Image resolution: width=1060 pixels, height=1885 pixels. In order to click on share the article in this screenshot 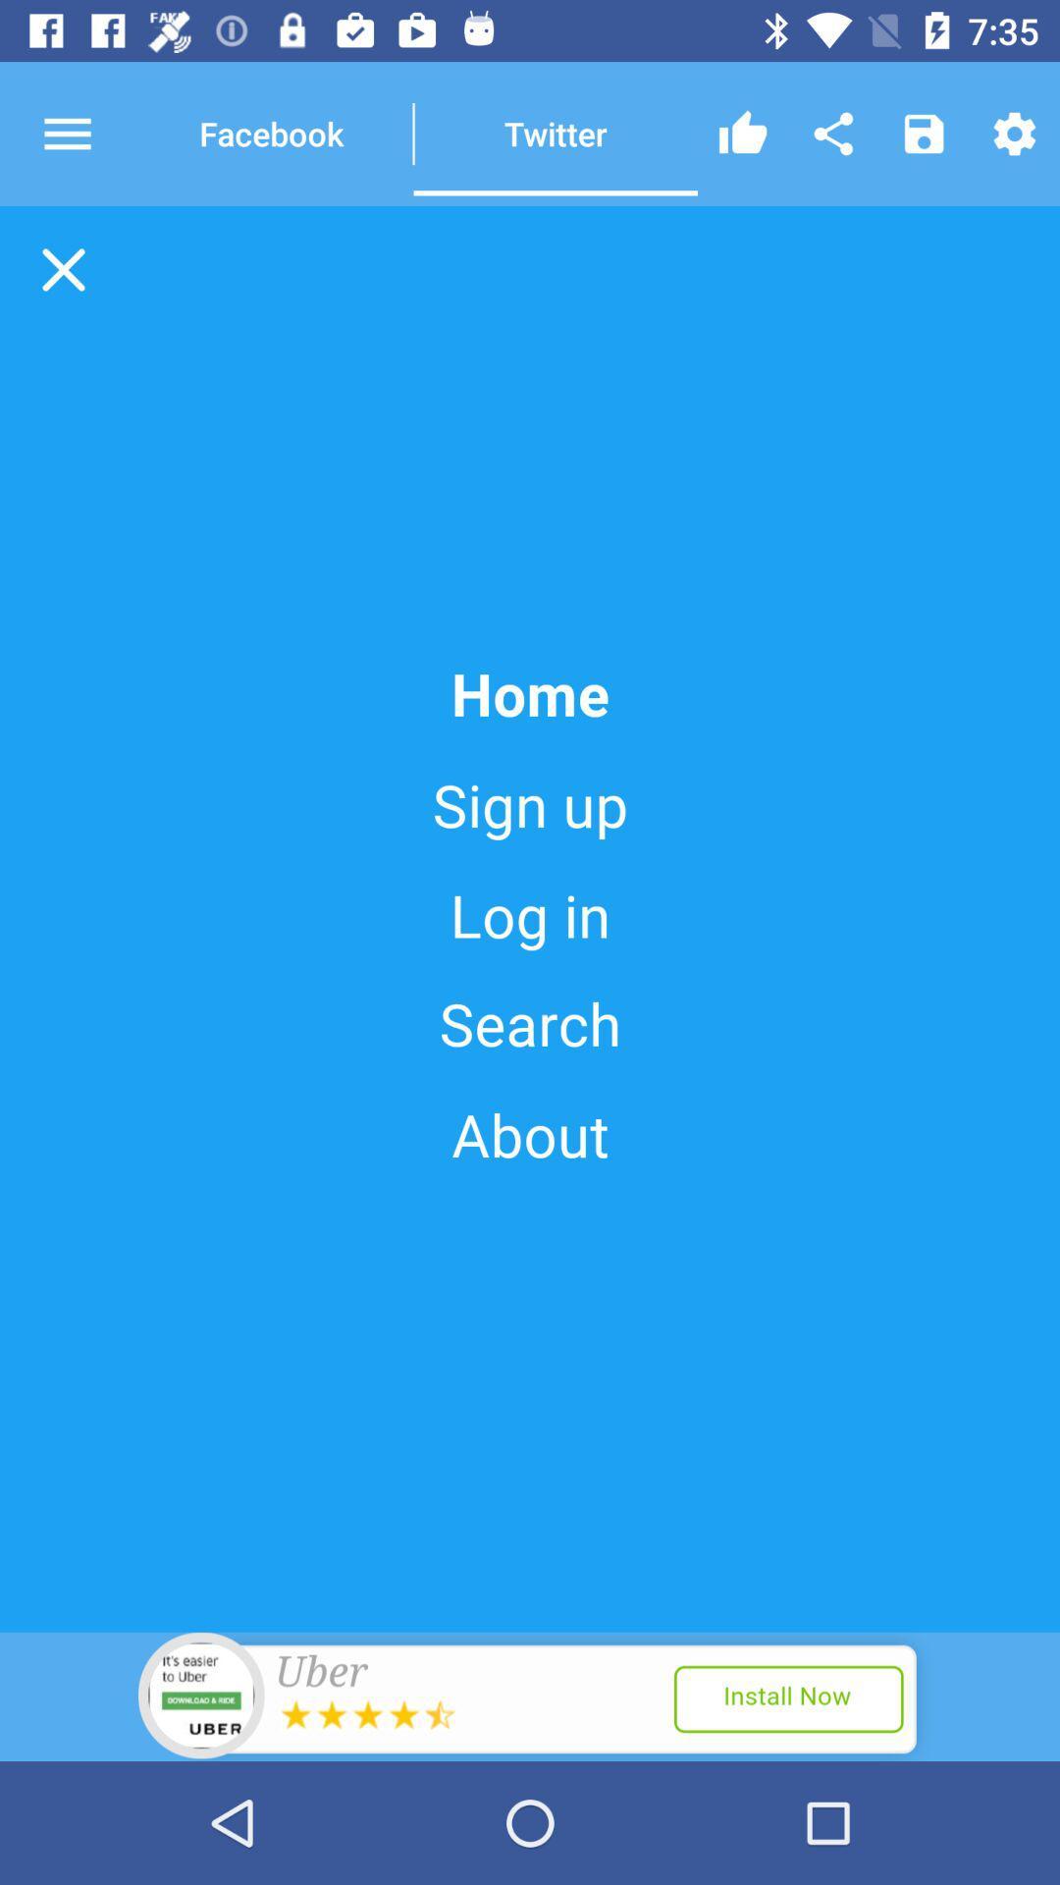, I will do `click(833, 133)`.